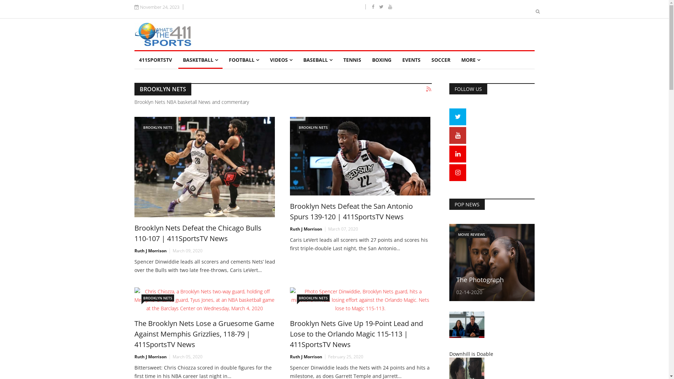 This screenshot has width=674, height=379. I want to click on 'TENNIS', so click(352, 59).